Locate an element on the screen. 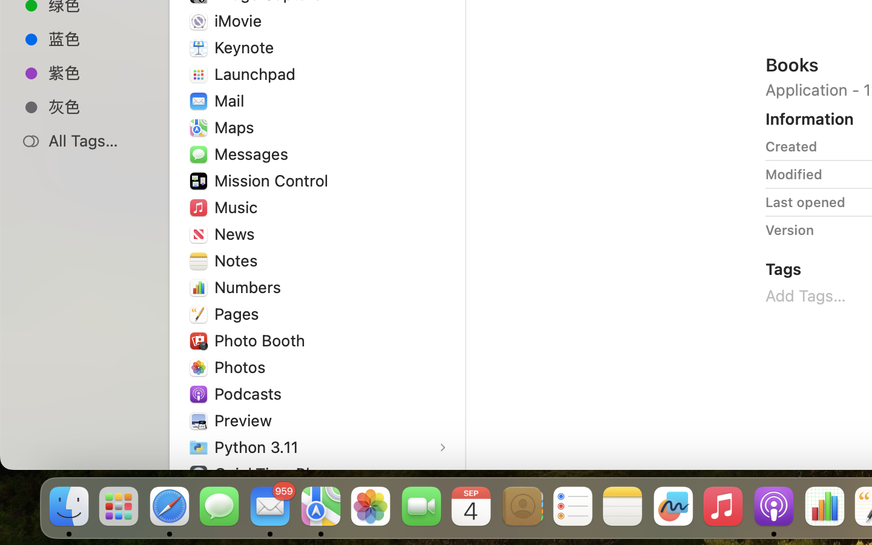 The image size is (872, 545). 'QuickTime Player' is located at coordinates (280, 473).